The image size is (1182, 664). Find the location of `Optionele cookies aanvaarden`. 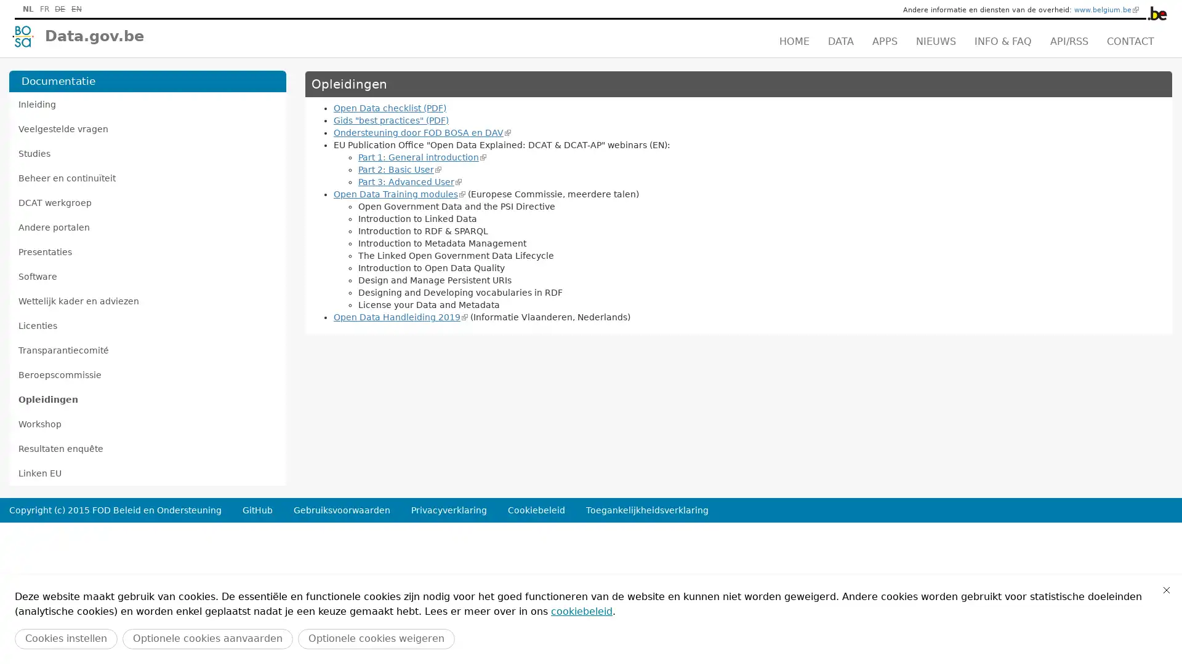

Optionele cookies aanvaarden is located at coordinates (207, 638).